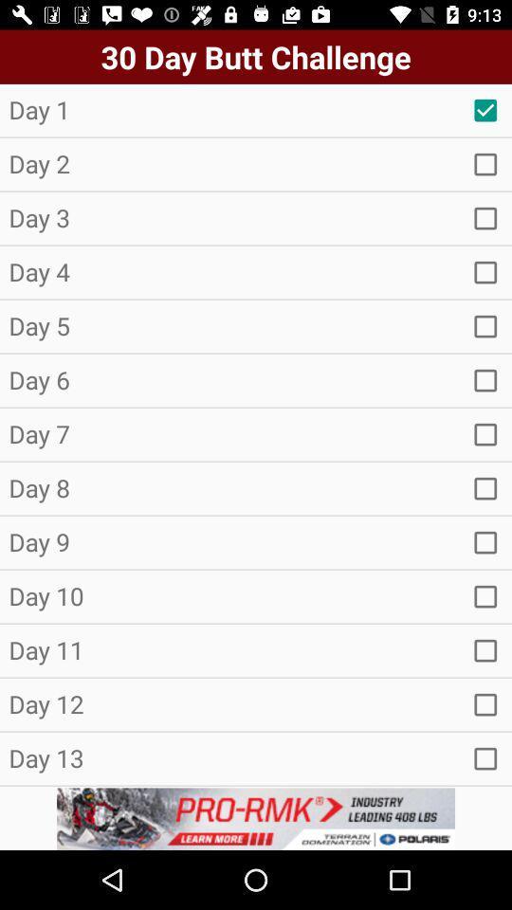 The image size is (512, 910). Describe the element at coordinates (485, 271) in the screenshot. I see `button` at that location.